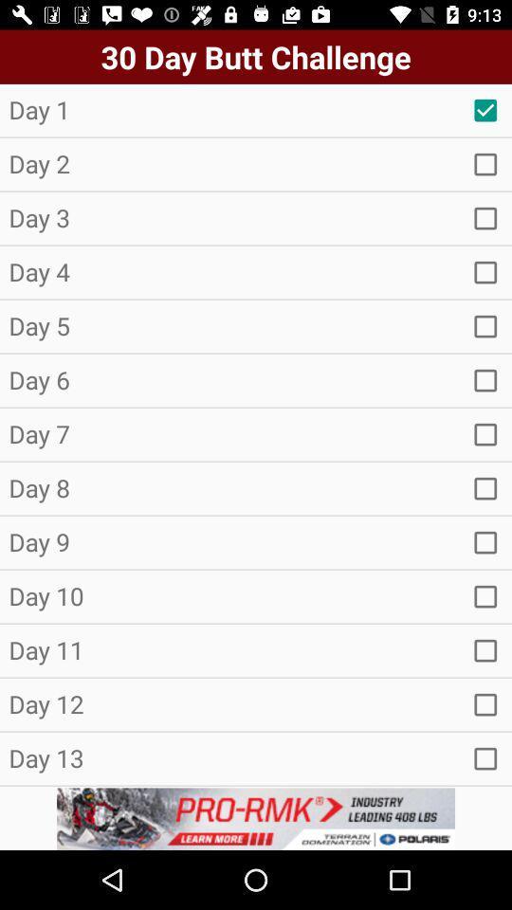 The image size is (512, 910). Describe the element at coordinates (485, 271) in the screenshot. I see `button` at that location.